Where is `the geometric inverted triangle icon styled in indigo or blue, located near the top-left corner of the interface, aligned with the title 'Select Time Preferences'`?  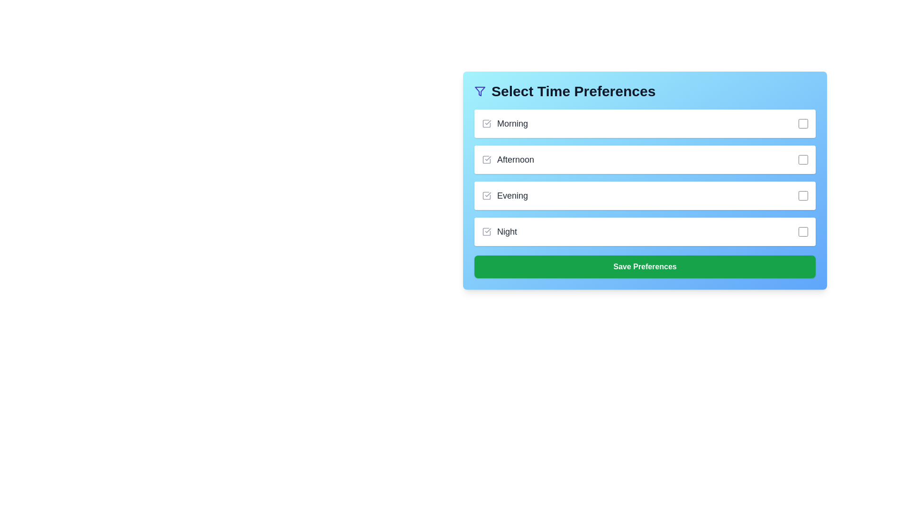
the geometric inverted triangle icon styled in indigo or blue, located near the top-left corner of the interface, aligned with the title 'Select Time Preferences' is located at coordinates (480, 91).